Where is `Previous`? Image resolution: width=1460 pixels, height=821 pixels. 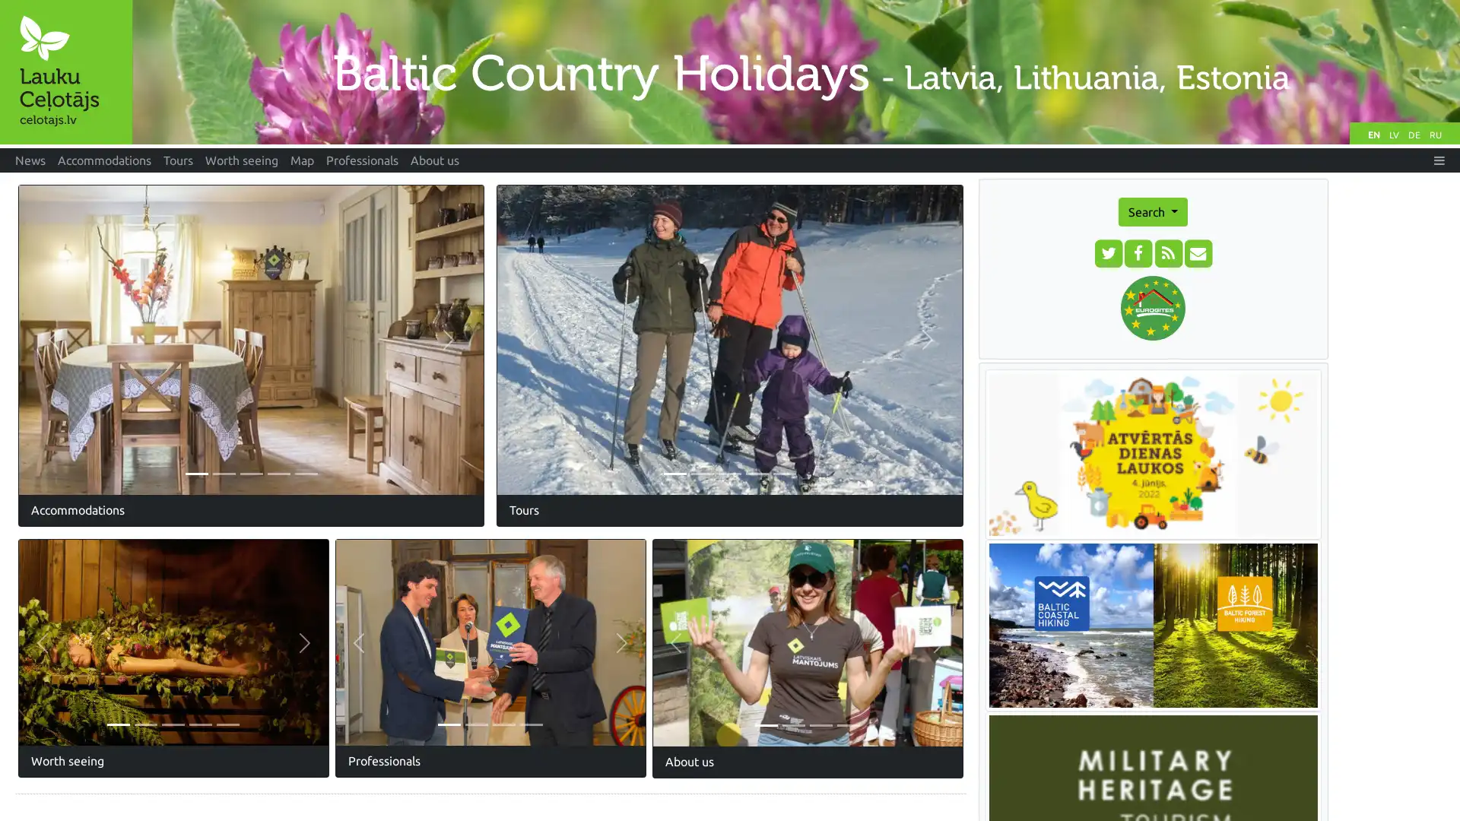 Previous is located at coordinates (357, 642).